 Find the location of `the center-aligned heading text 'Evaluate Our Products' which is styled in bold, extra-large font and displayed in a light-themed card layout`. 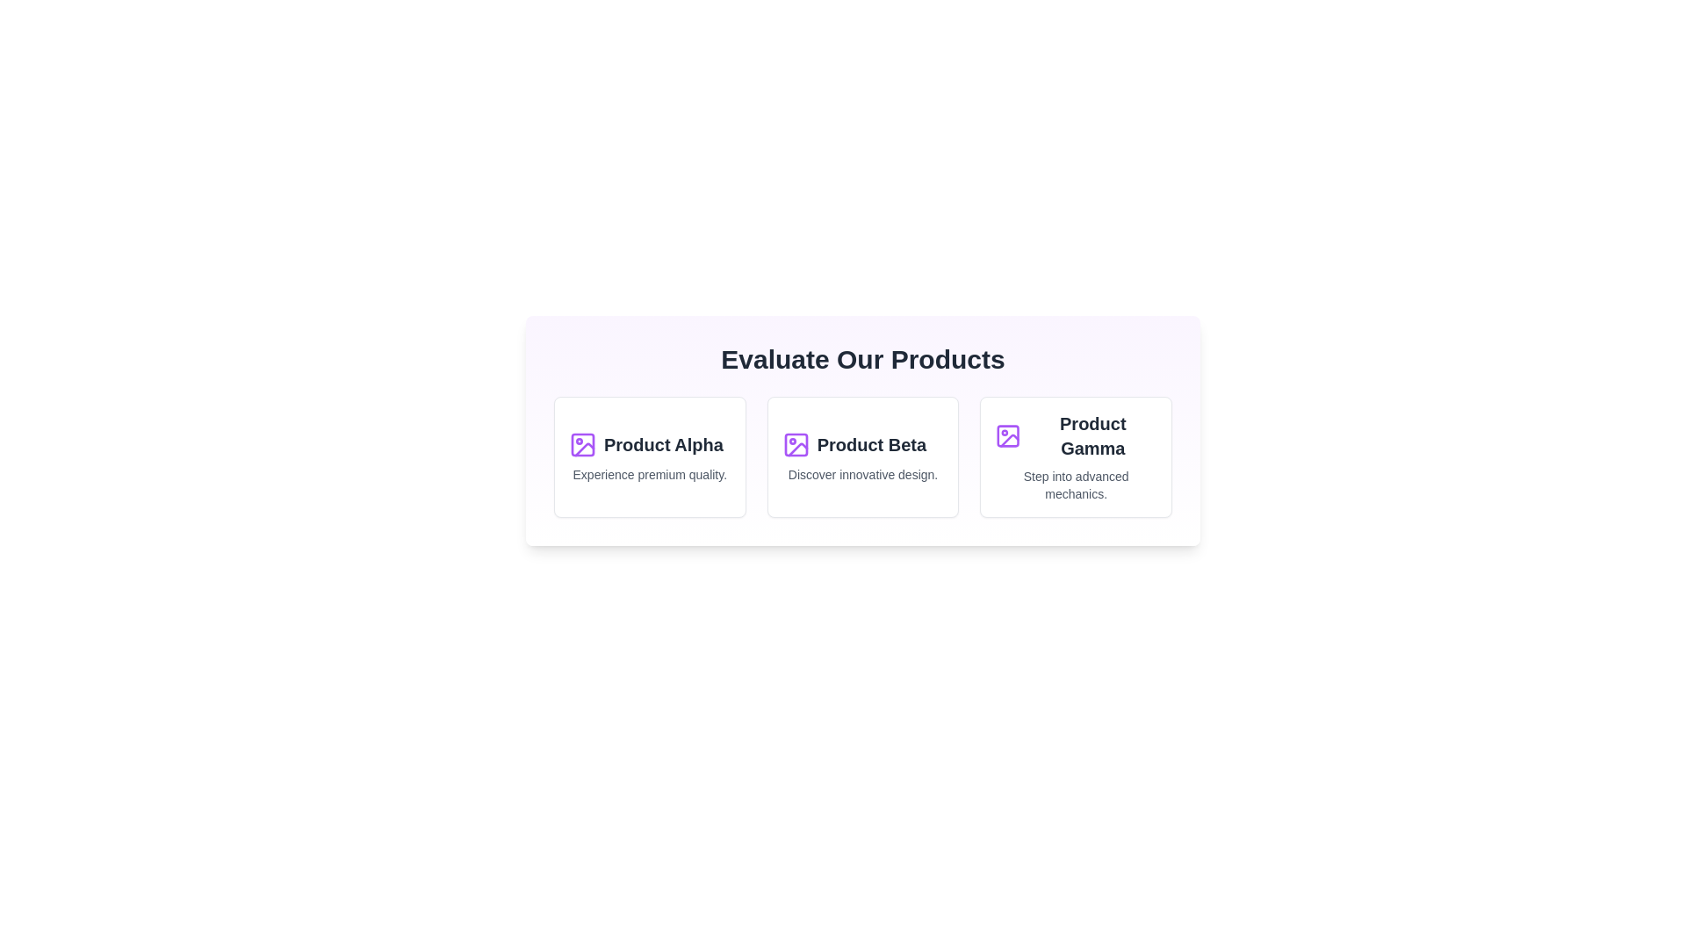

the center-aligned heading text 'Evaluate Our Products' which is styled in bold, extra-large font and displayed in a light-themed card layout is located at coordinates (863, 358).